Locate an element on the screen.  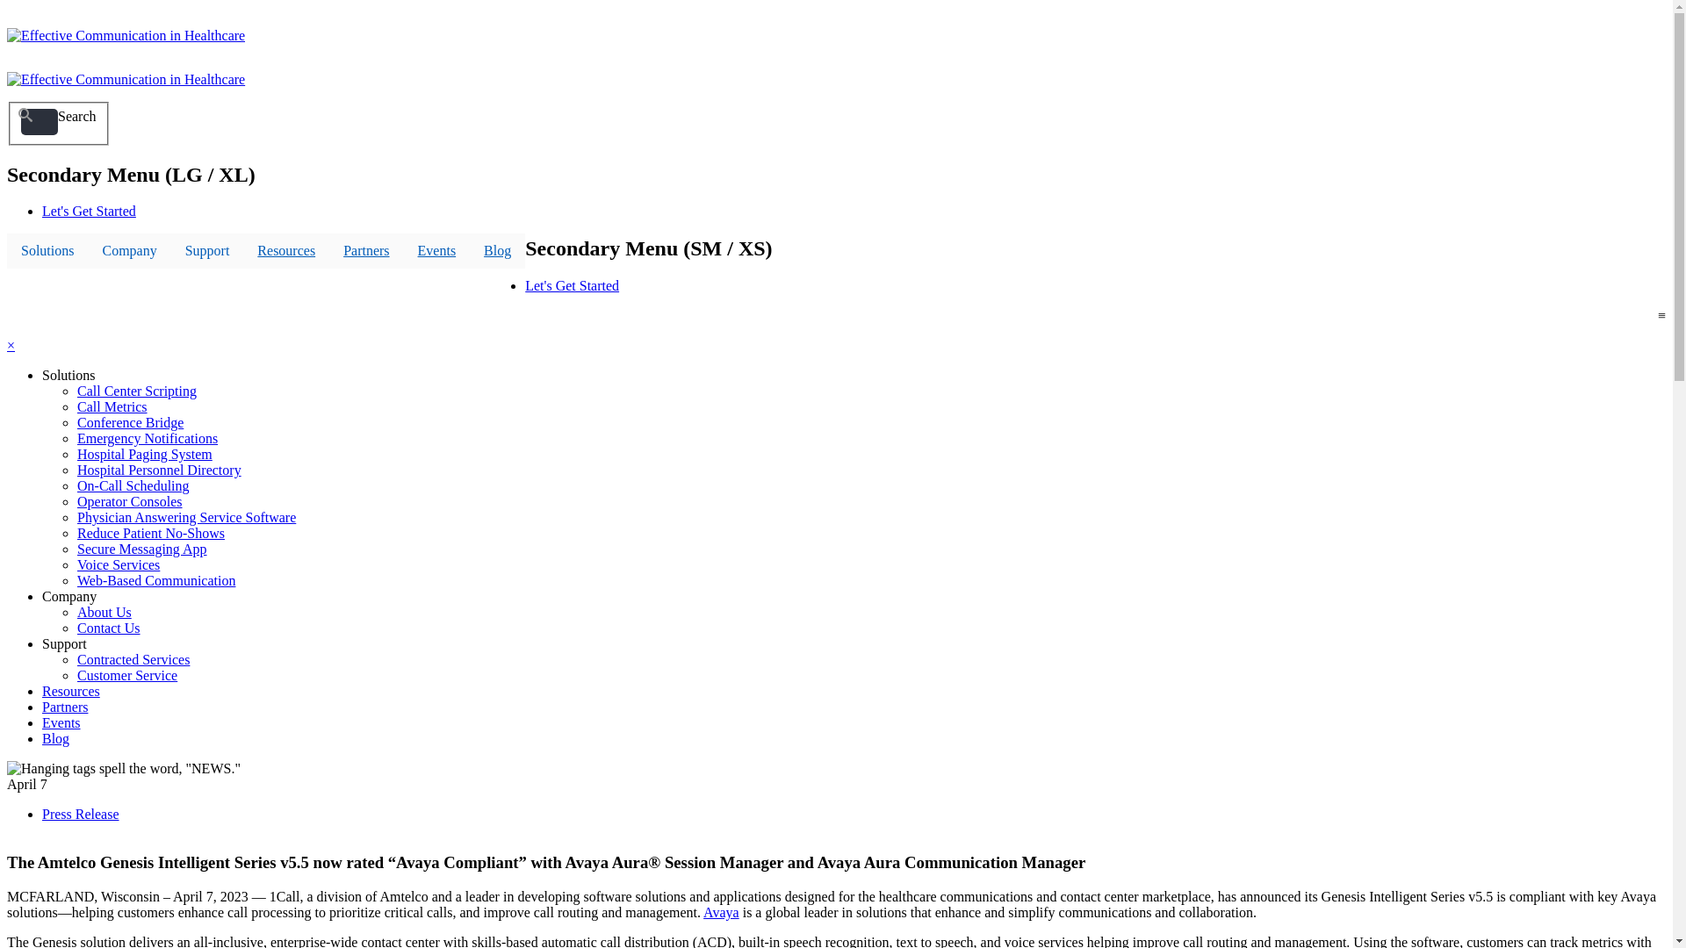
'Enter the terms you wish to search for.' is located at coordinates (39, 120).